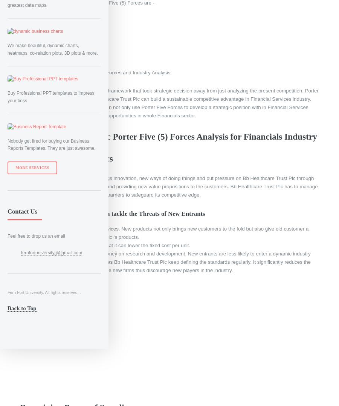 Image resolution: width=339 pixels, height=406 pixels. What do you see at coordinates (109, 245) in the screenshot?
I see `'By building economies of scale so that it can  lower the fixed cost per unit.'` at bounding box center [109, 245].